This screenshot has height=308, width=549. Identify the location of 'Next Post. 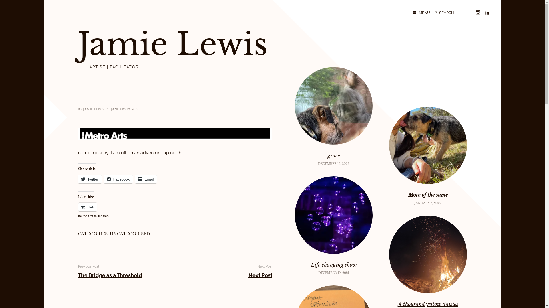
(180, 271).